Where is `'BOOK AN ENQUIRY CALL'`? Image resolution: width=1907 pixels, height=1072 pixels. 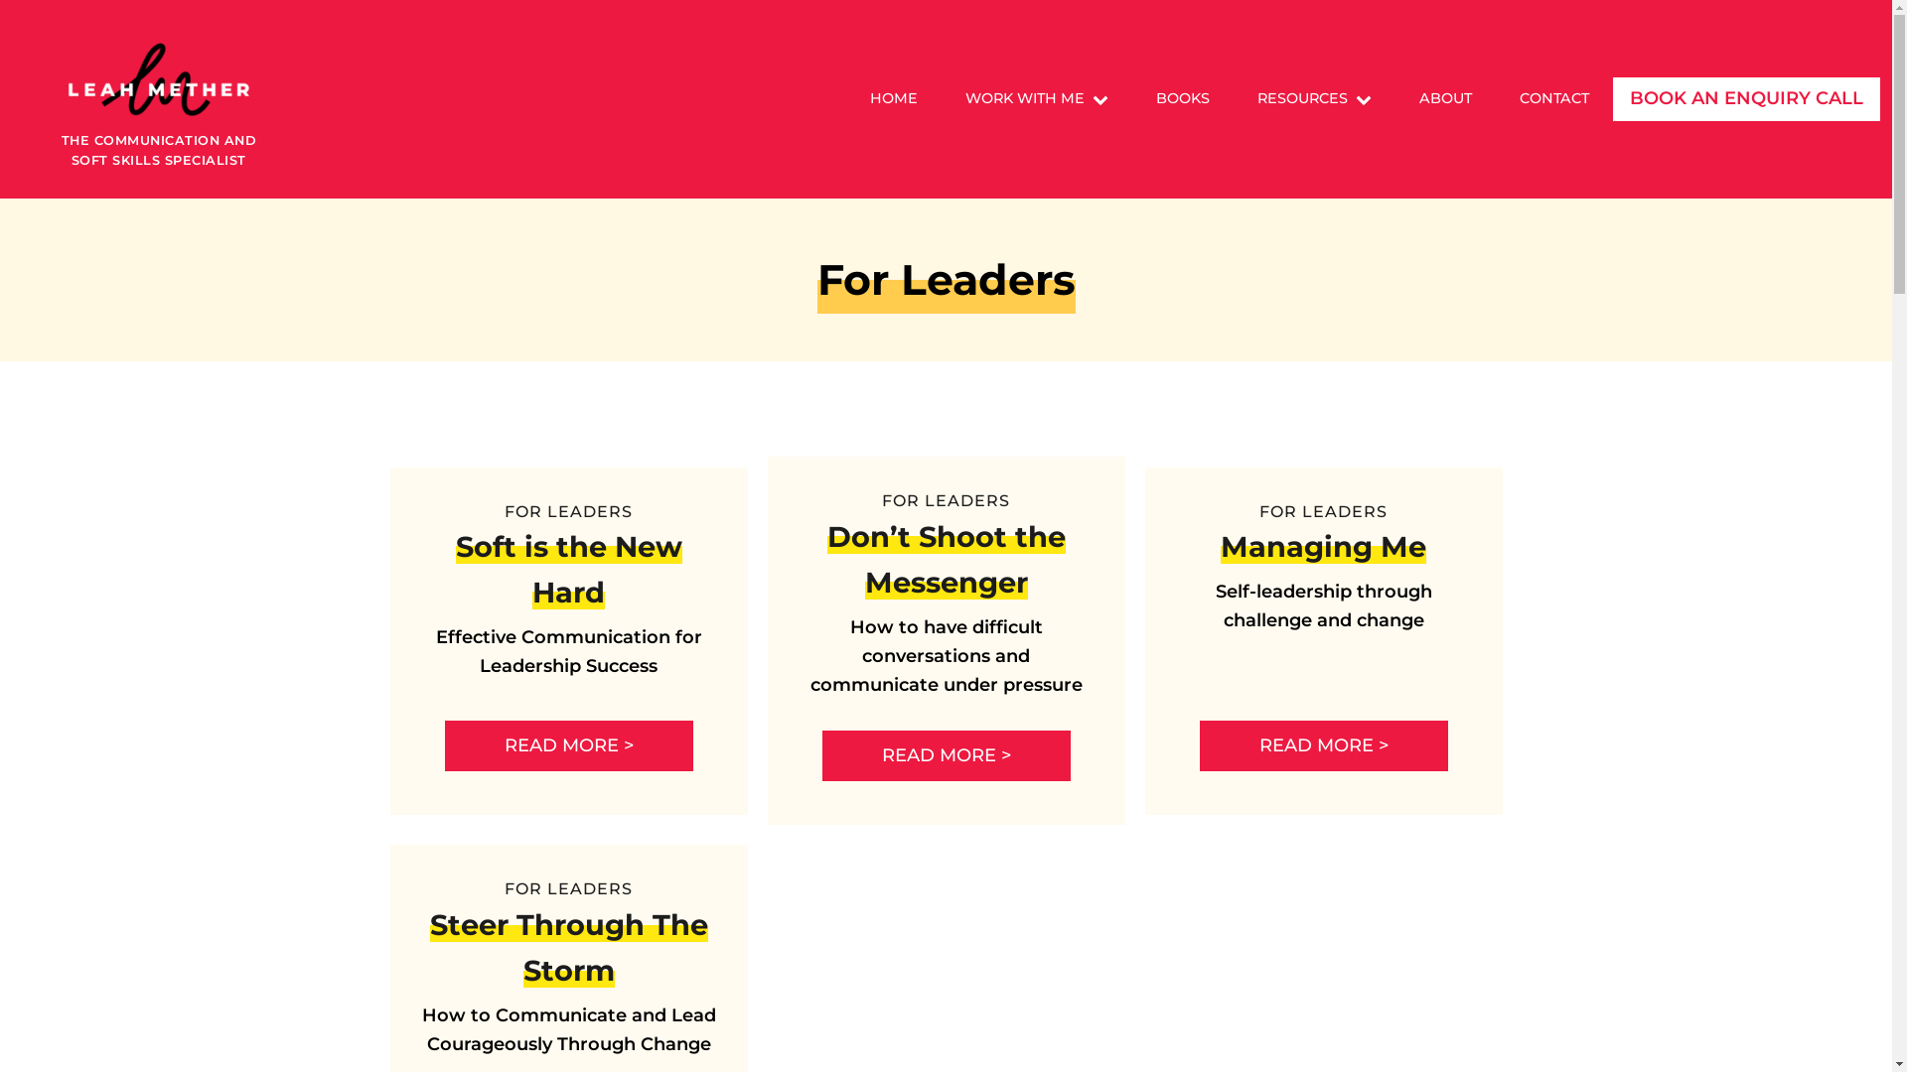 'BOOK AN ENQUIRY CALL' is located at coordinates (1745, 99).